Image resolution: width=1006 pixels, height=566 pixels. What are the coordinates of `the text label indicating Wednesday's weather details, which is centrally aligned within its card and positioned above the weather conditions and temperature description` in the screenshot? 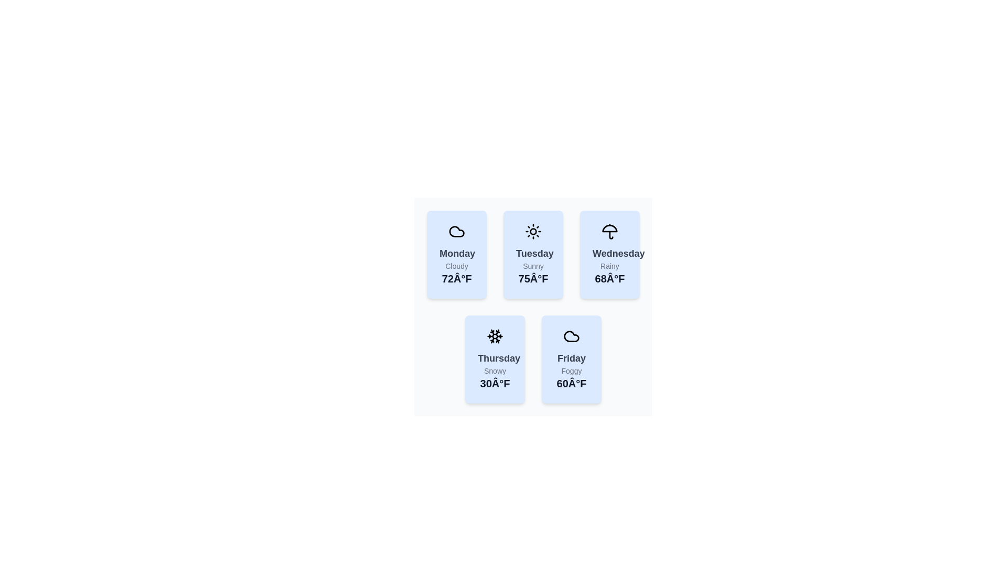 It's located at (609, 253).